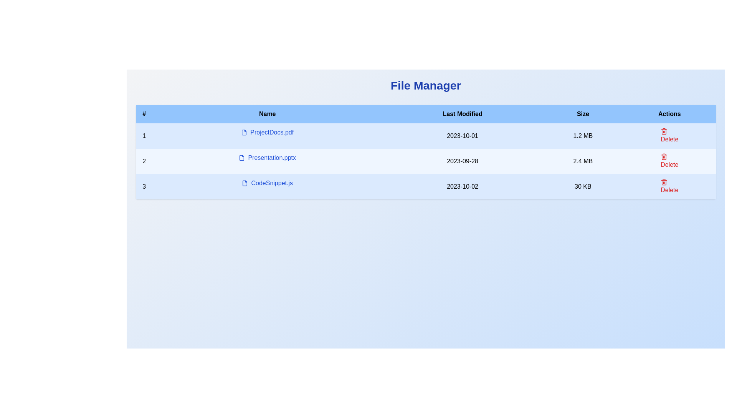 This screenshot has width=737, height=415. Describe the element at coordinates (669, 187) in the screenshot. I see `the red 'Delete' button featuring a trash bin icon in the last row of the 'Actions' column in the 'File Manager'` at that location.